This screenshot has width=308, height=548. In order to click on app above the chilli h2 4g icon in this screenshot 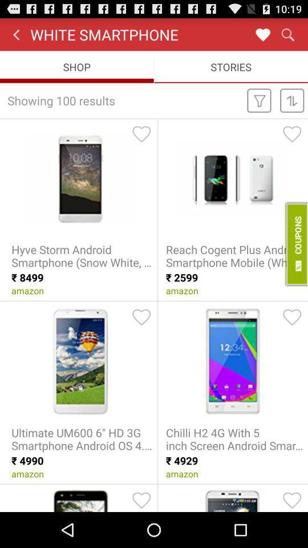, I will do `click(292, 317)`.